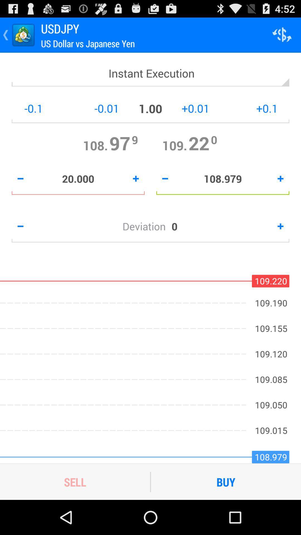  What do you see at coordinates (78, 179) in the screenshot?
I see `the 20000` at bounding box center [78, 179].